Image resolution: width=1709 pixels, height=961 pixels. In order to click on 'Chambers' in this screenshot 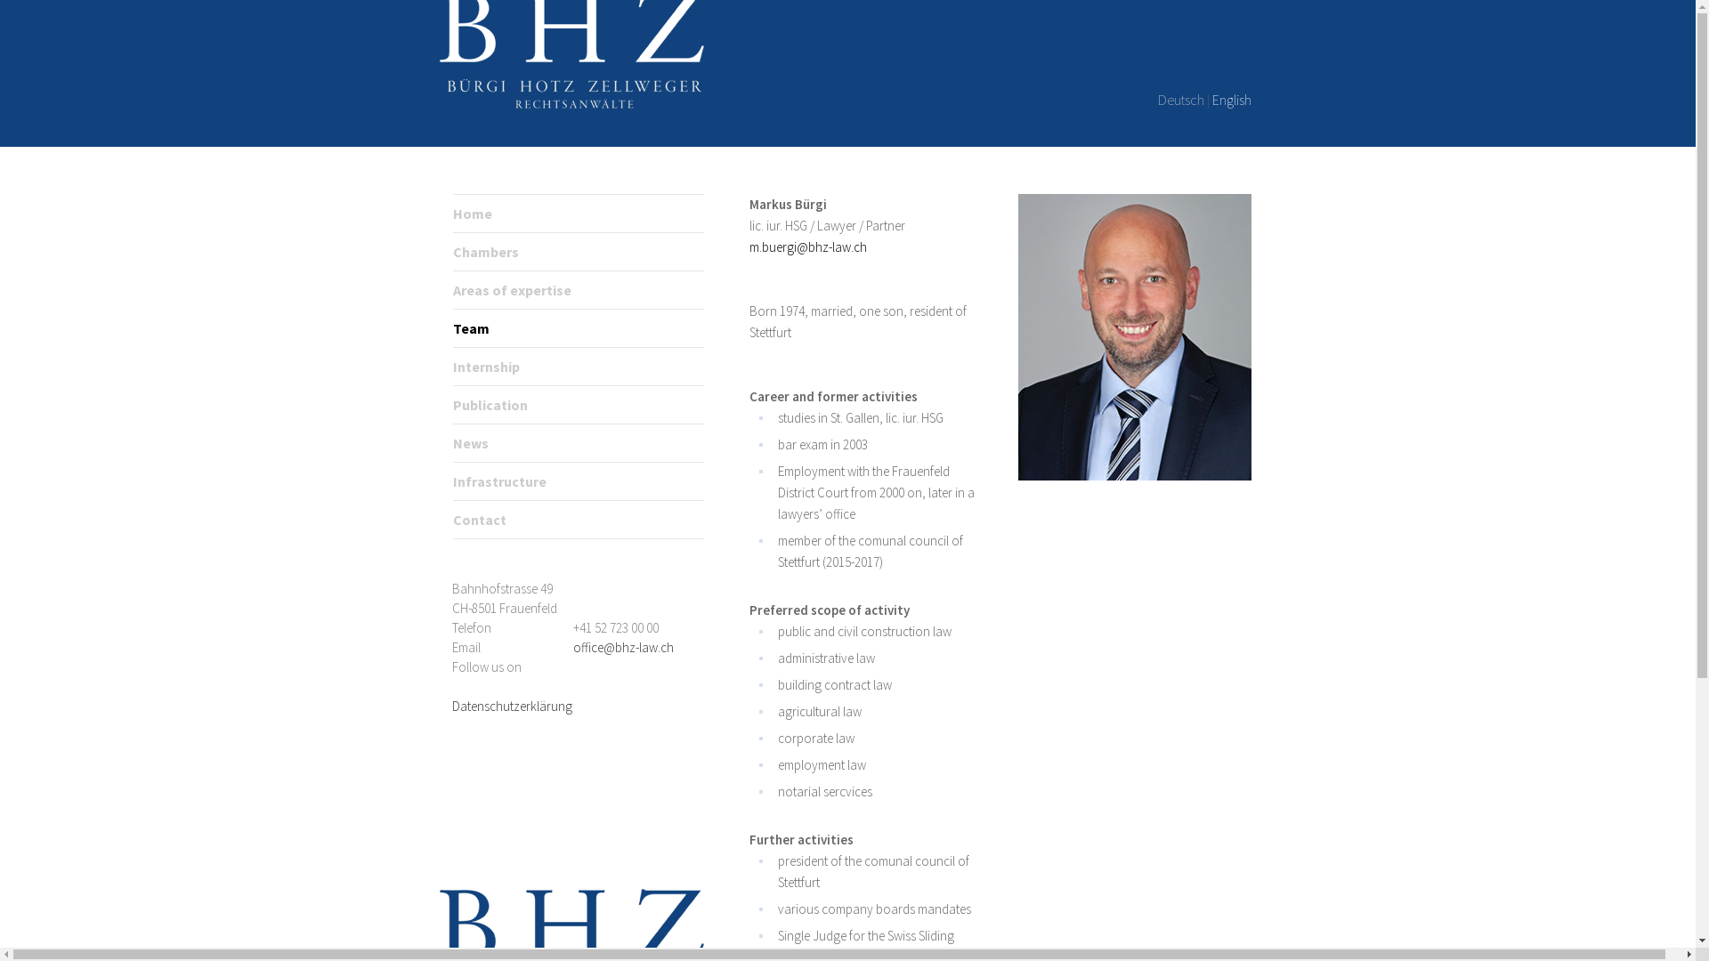, I will do `click(485, 251)`.